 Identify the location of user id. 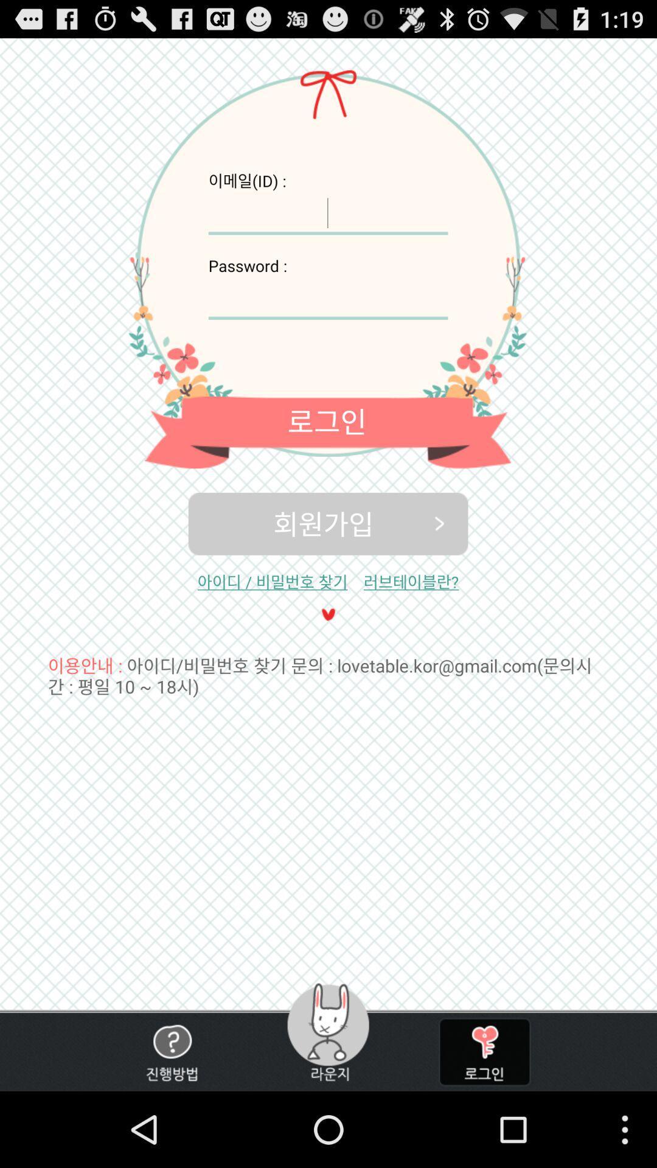
(327, 213).